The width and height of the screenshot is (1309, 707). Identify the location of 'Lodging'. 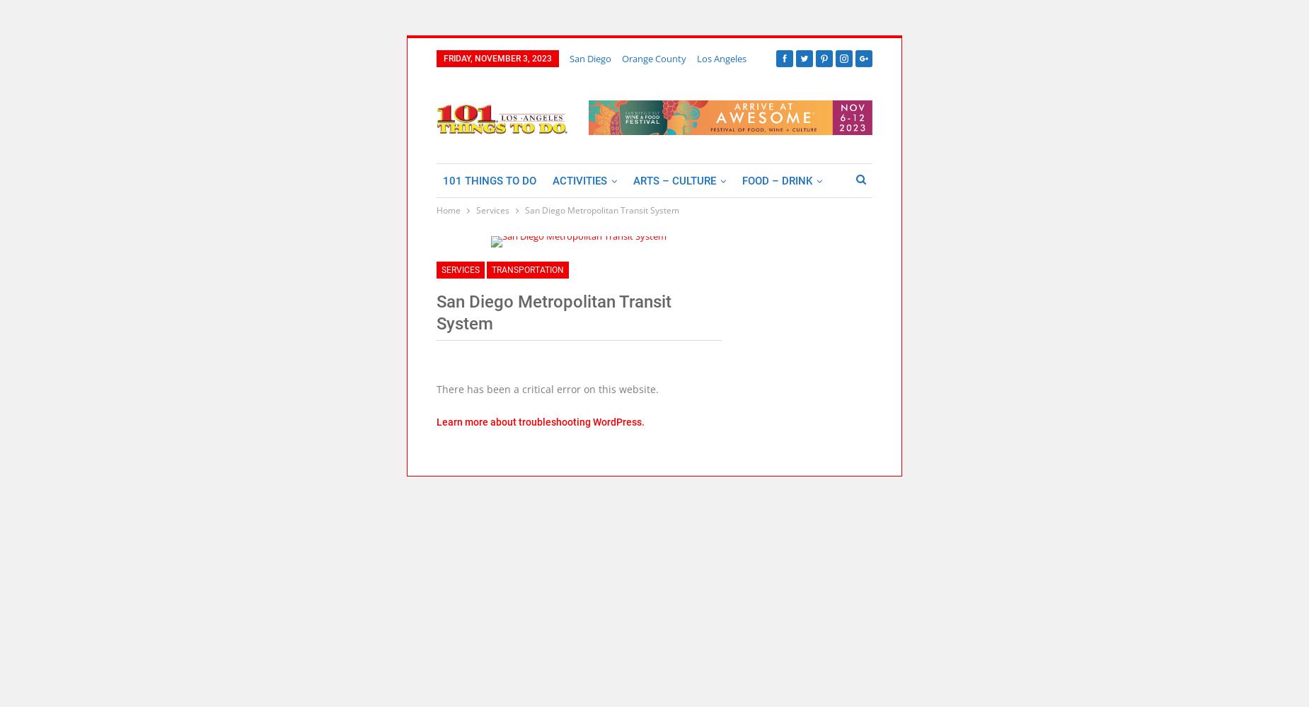
(728, 214).